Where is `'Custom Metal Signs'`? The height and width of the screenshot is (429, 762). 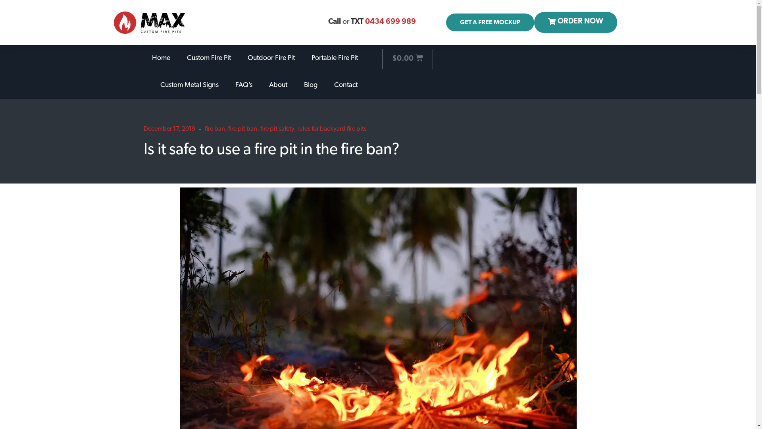 'Custom Metal Signs' is located at coordinates (189, 85).